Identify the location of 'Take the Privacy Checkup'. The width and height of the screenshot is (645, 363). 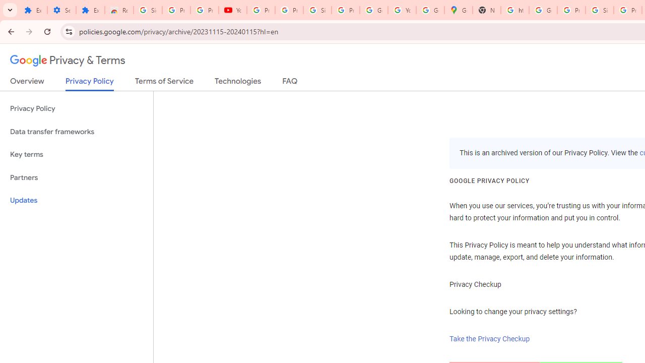
(490, 339).